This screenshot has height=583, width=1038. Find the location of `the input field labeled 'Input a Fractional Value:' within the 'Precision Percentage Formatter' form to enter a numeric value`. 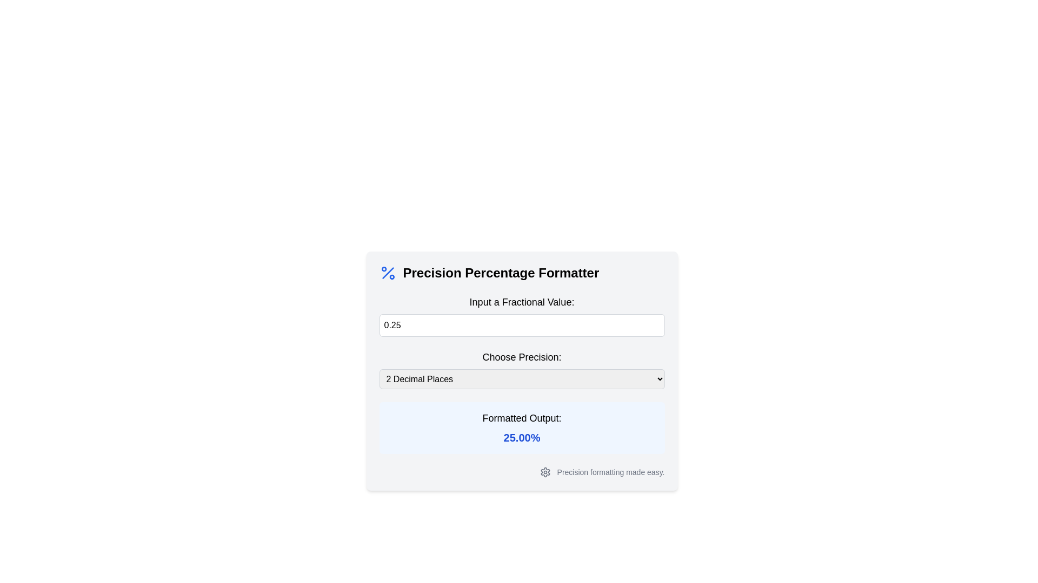

the input field labeled 'Input a Fractional Value:' within the 'Precision Percentage Formatter' form to enter a numeric value is located at coordinates (522, 370).